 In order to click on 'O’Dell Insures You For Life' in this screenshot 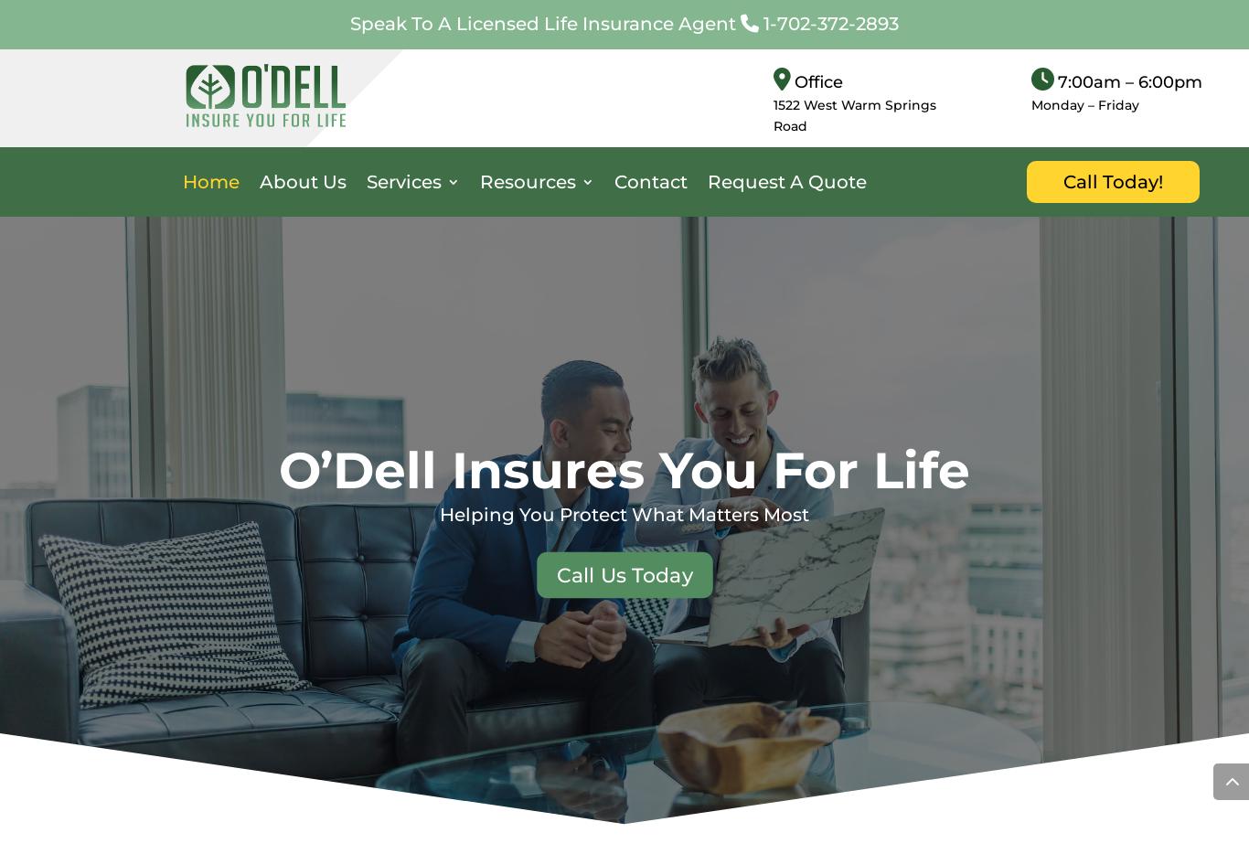, I will do `click(624, 469)`.